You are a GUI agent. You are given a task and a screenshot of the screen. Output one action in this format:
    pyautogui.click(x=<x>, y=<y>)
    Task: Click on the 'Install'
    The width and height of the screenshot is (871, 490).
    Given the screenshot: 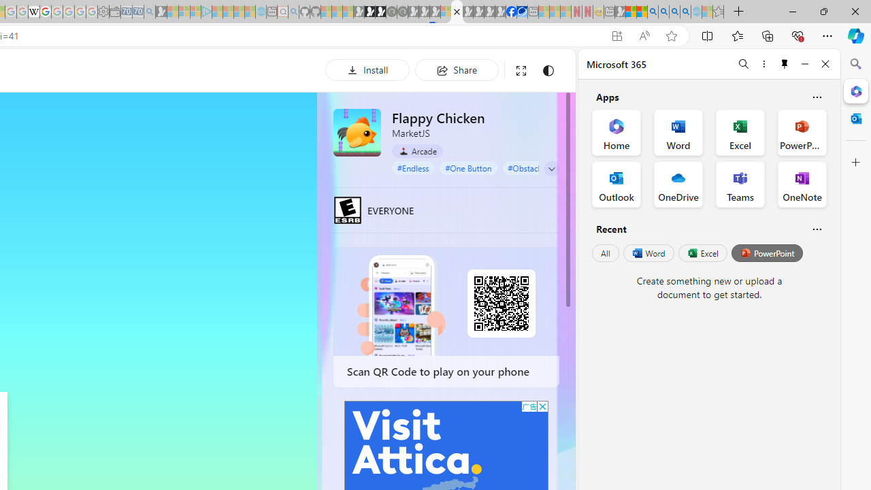 What is the action you would take?
    pyautogui.click(x=367, y=69)
    